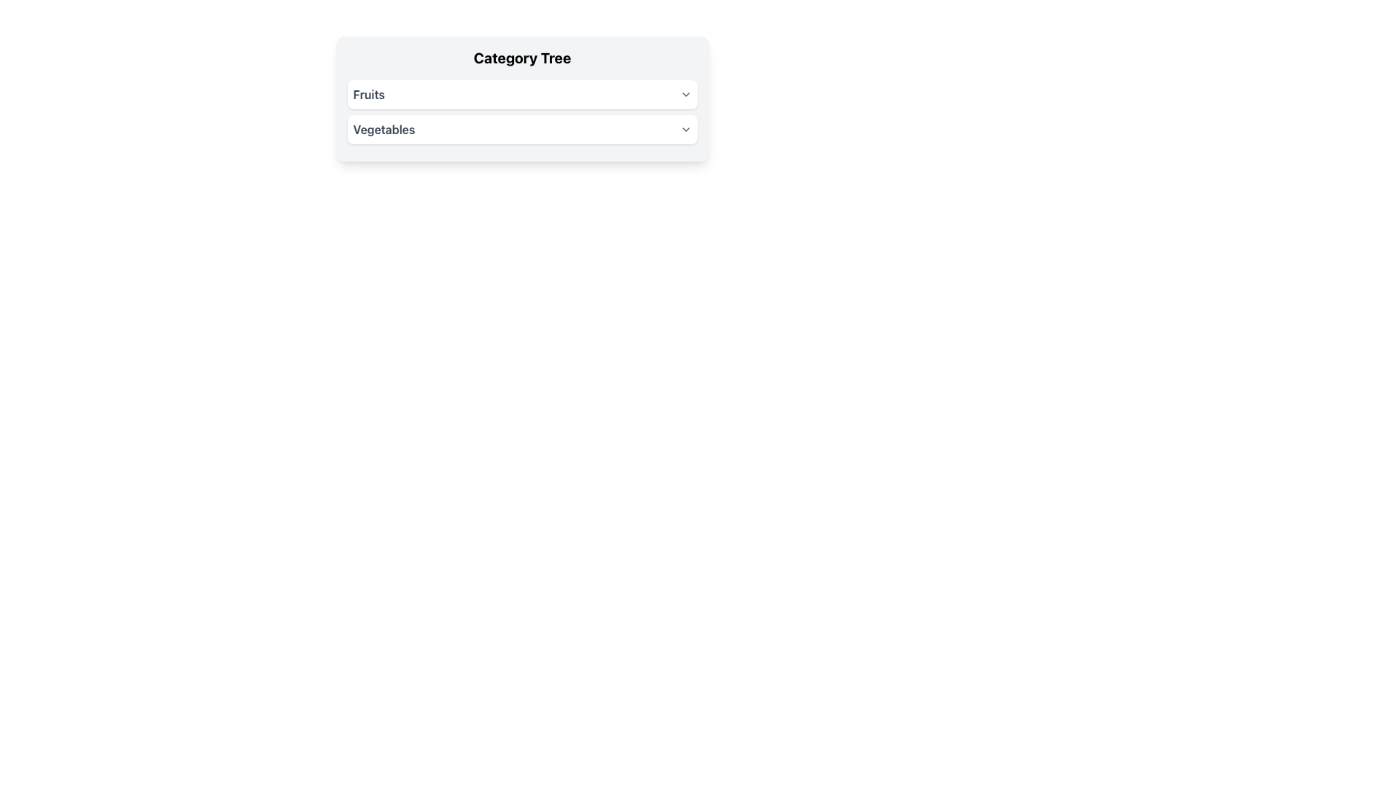 The image size is (1400, 787). I want to click on the dropdown activator icon for the 'Fruits' category, which is located at the rightmost position in the item row, next to the 'Fruits' label, so click(685, 95).